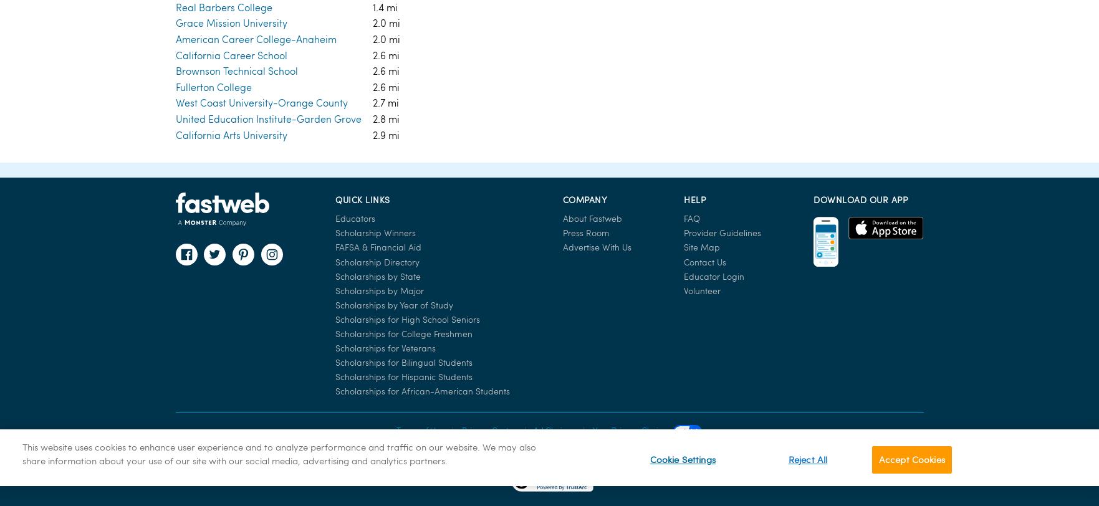  I want to click on 'Copyright © 2023', so click(549, 193).